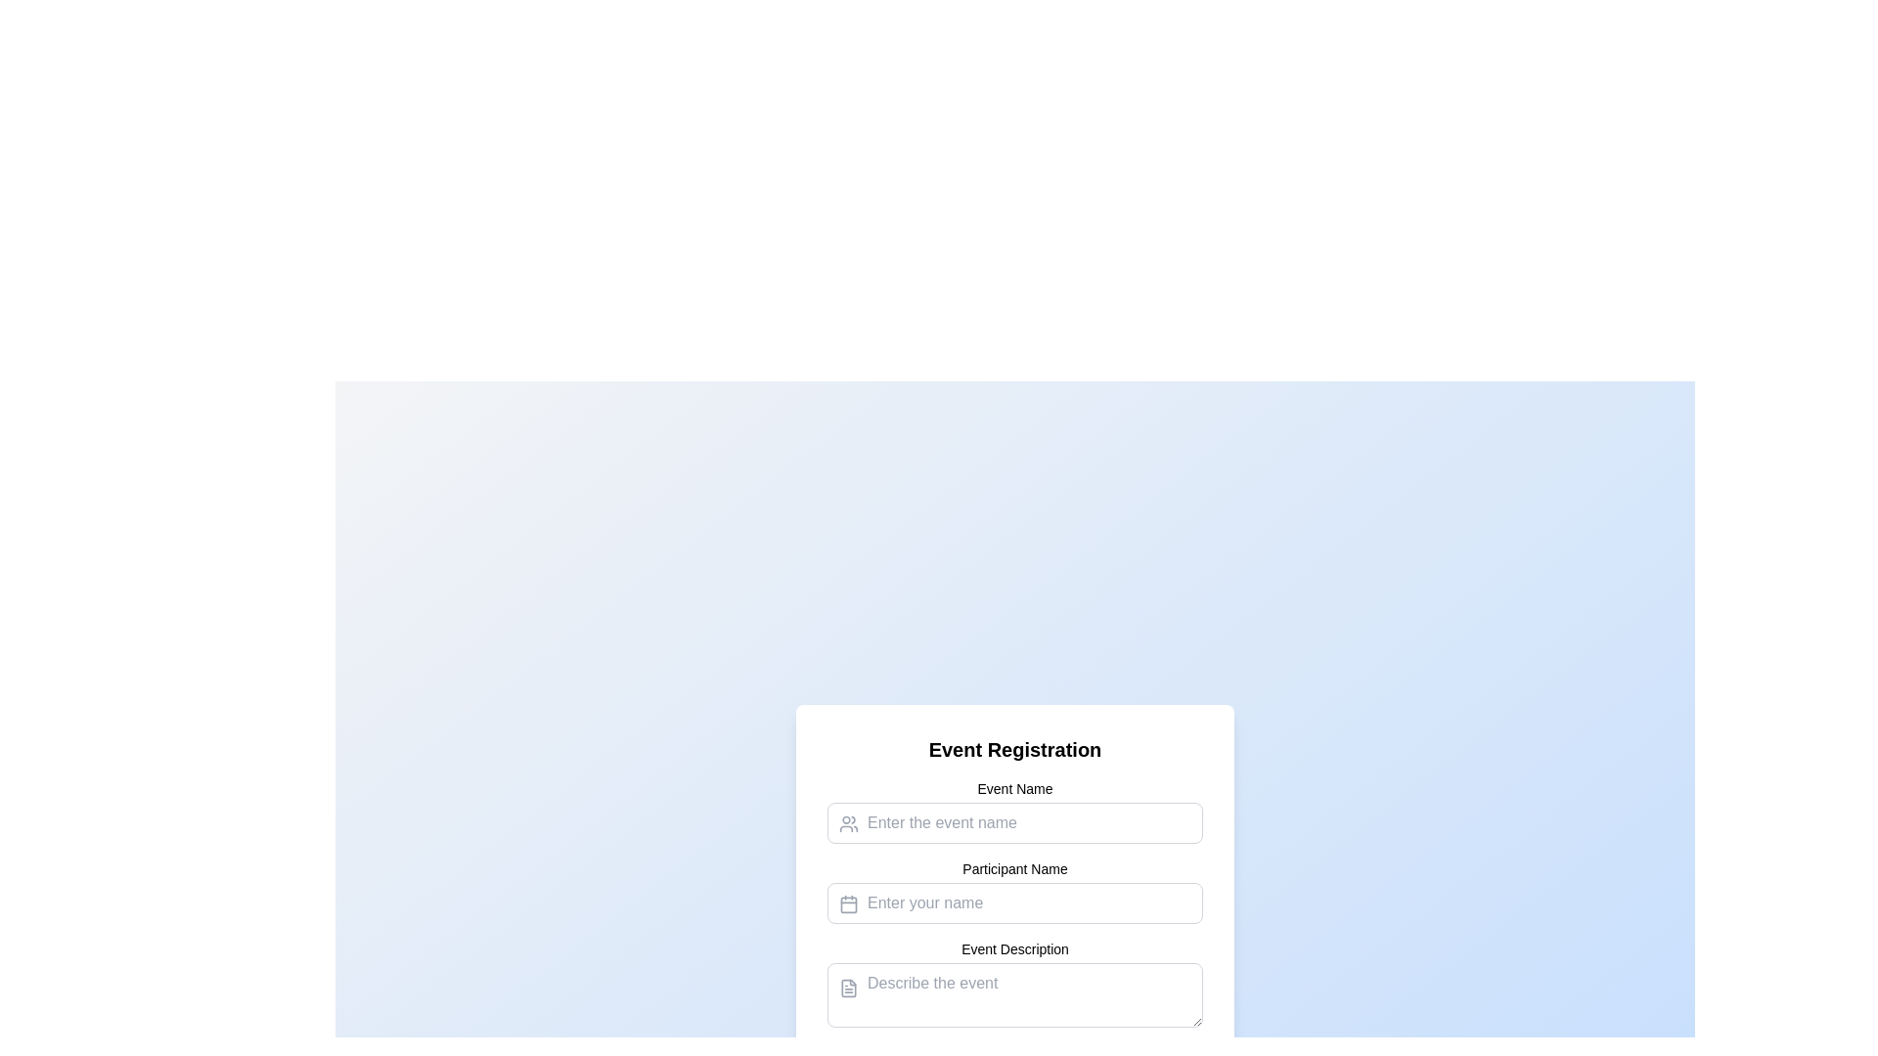  I want to click on the text label reading 'Participant Name', which is styled with a small font size and medium weight, positioned directly above an input field and aligned to its left edge in the form interface, so click(1014, 867).